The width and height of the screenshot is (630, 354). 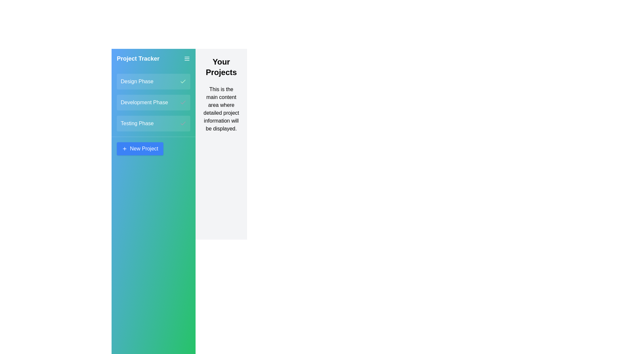 I want to click on the 'New Project' button to initiate adding a new project, so click(x=140, y=149).